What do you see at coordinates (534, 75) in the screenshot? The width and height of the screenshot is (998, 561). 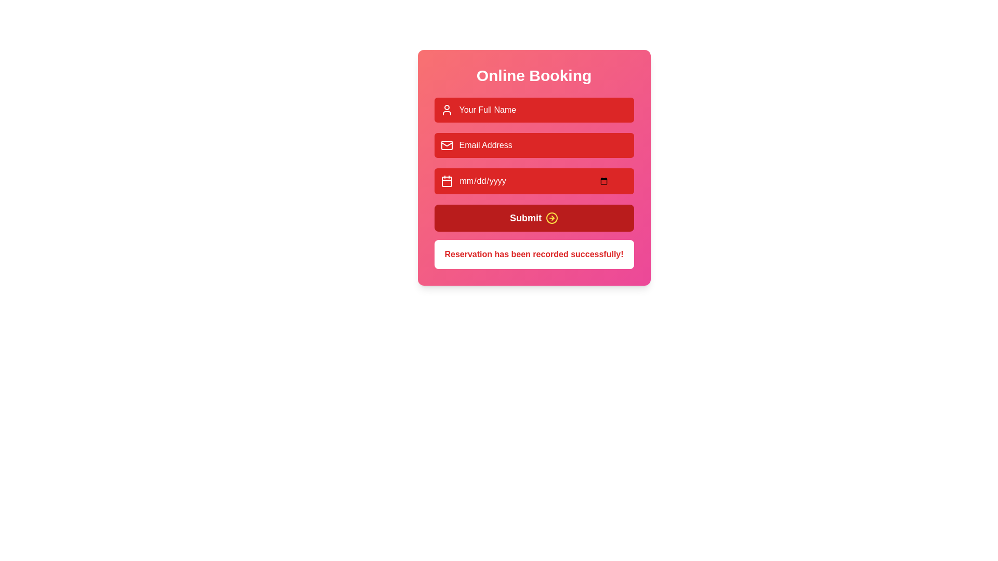 I see `the Label or Heading Text at the top of the form section, which serves as the title for the associated form` at bounding box center [534, 75].